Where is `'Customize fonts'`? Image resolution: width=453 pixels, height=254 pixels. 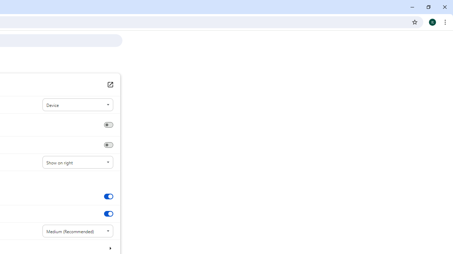
'Customize fonts' is located at coordinates (110, 248).